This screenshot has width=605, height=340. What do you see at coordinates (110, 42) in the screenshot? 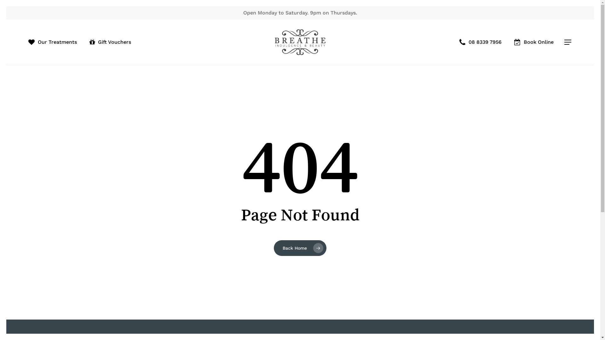
I see `'Gift Vouchers'` at bounding box center [110, 42].